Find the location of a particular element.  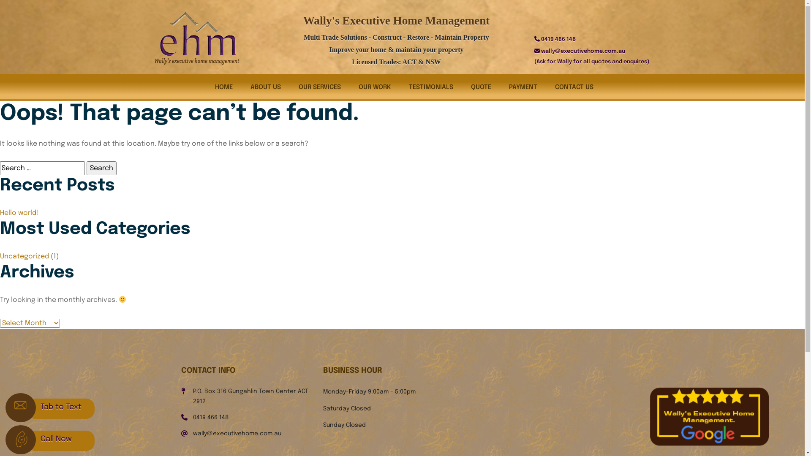

'Hello world!' is located at coordinates (19, 212).